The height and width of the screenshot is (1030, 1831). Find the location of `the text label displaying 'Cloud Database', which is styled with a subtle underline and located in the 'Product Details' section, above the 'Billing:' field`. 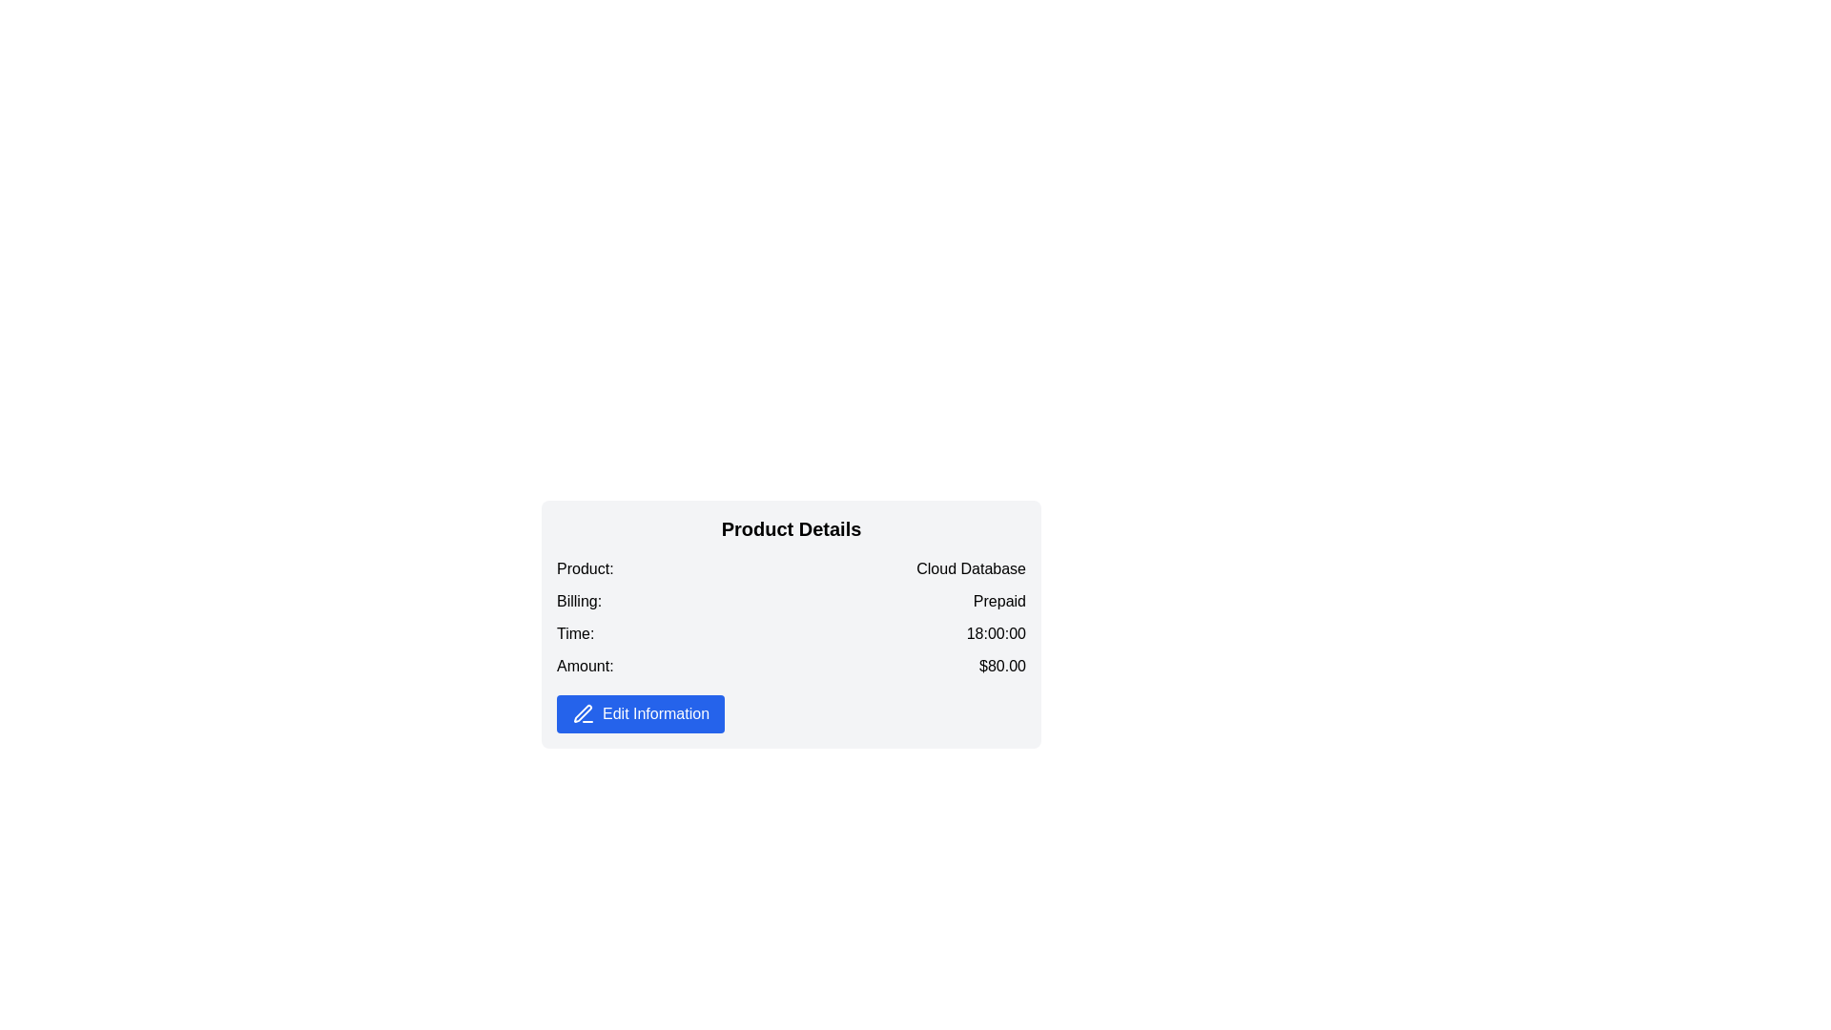

the text label displaying 'Cloud Database', which is styled with a subtle underline and located in the 'Product Details' section, above the 'Billing:' field is located at coordinates (971, 568).